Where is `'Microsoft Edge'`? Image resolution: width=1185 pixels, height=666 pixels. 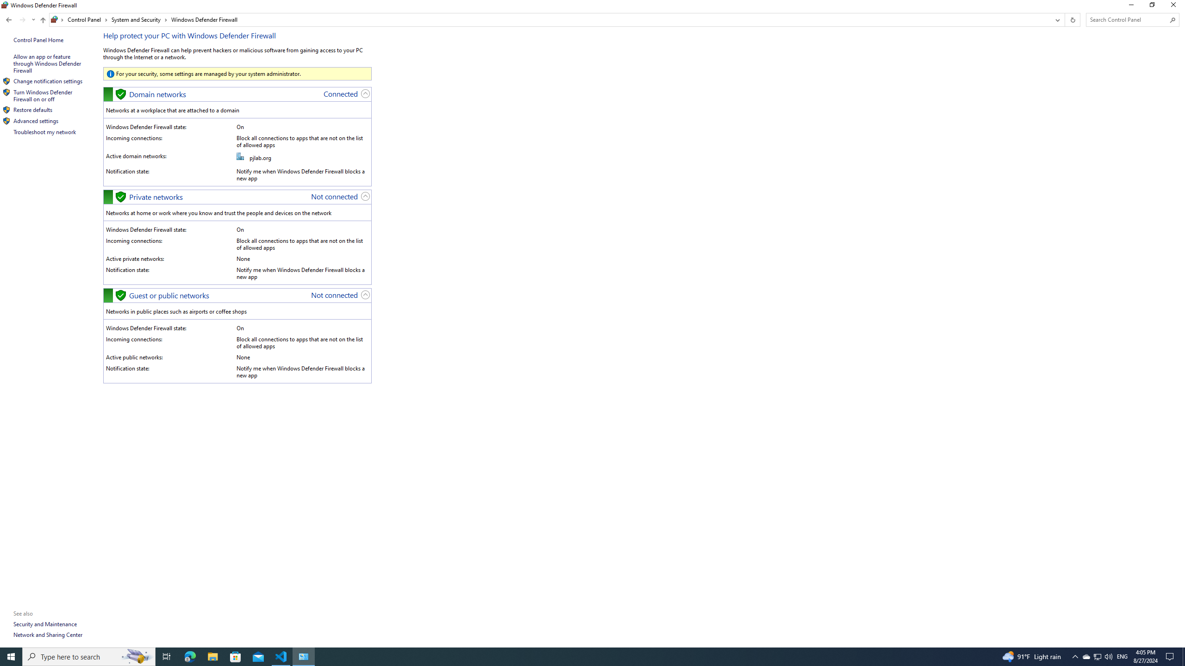
'Microsoft Edge' is located at coordinates (189, 656).